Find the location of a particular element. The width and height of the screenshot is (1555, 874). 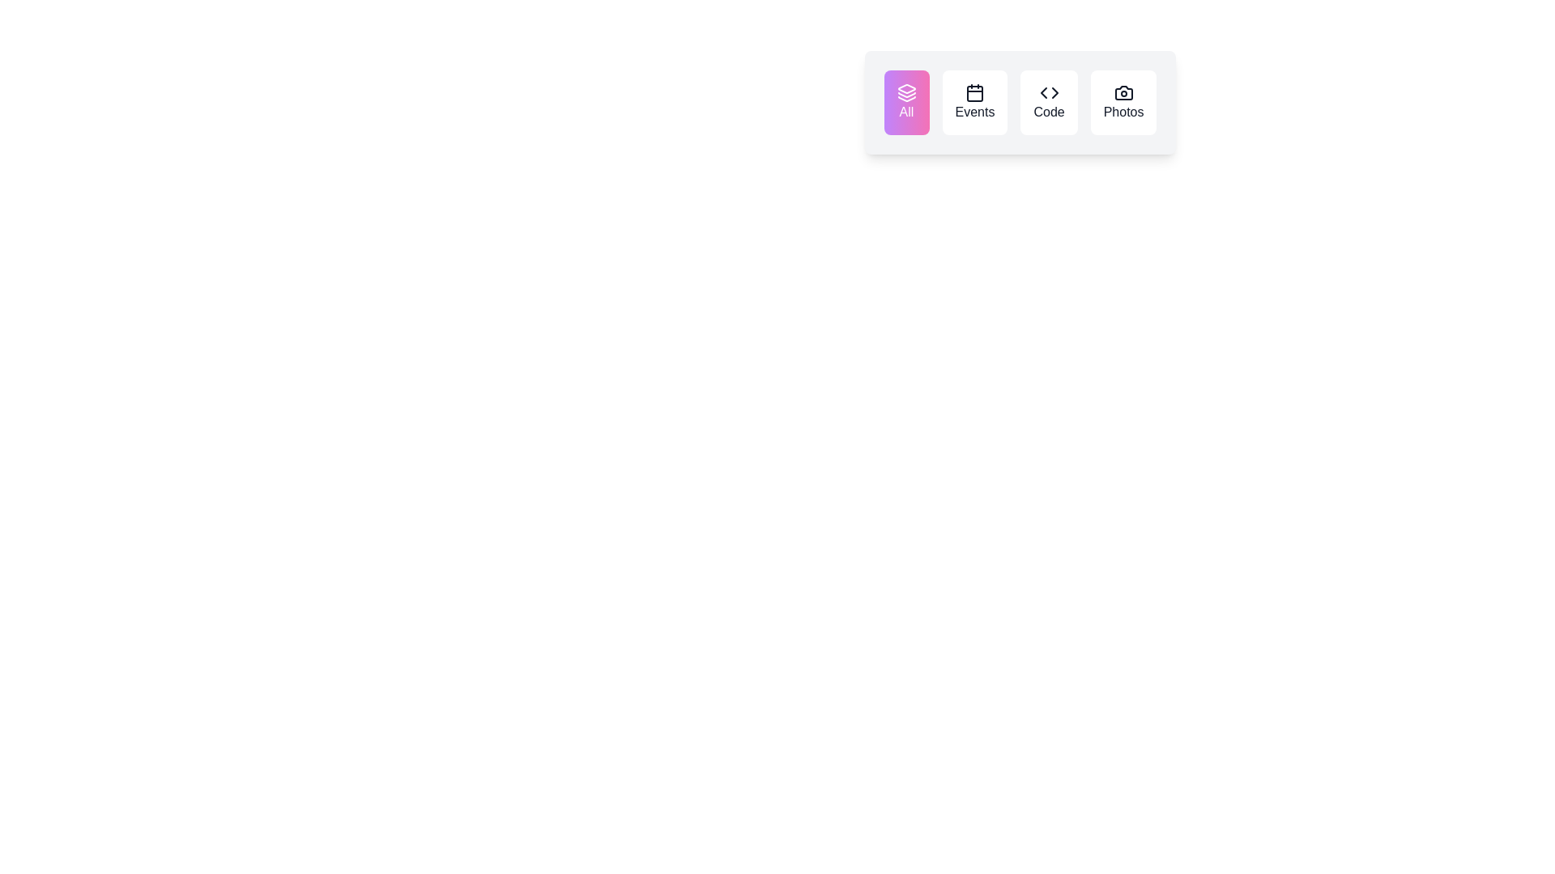

the Decorative UI component that resembles a calendar grid cell with rounded corners and a border is located at coordinates (974, 93).